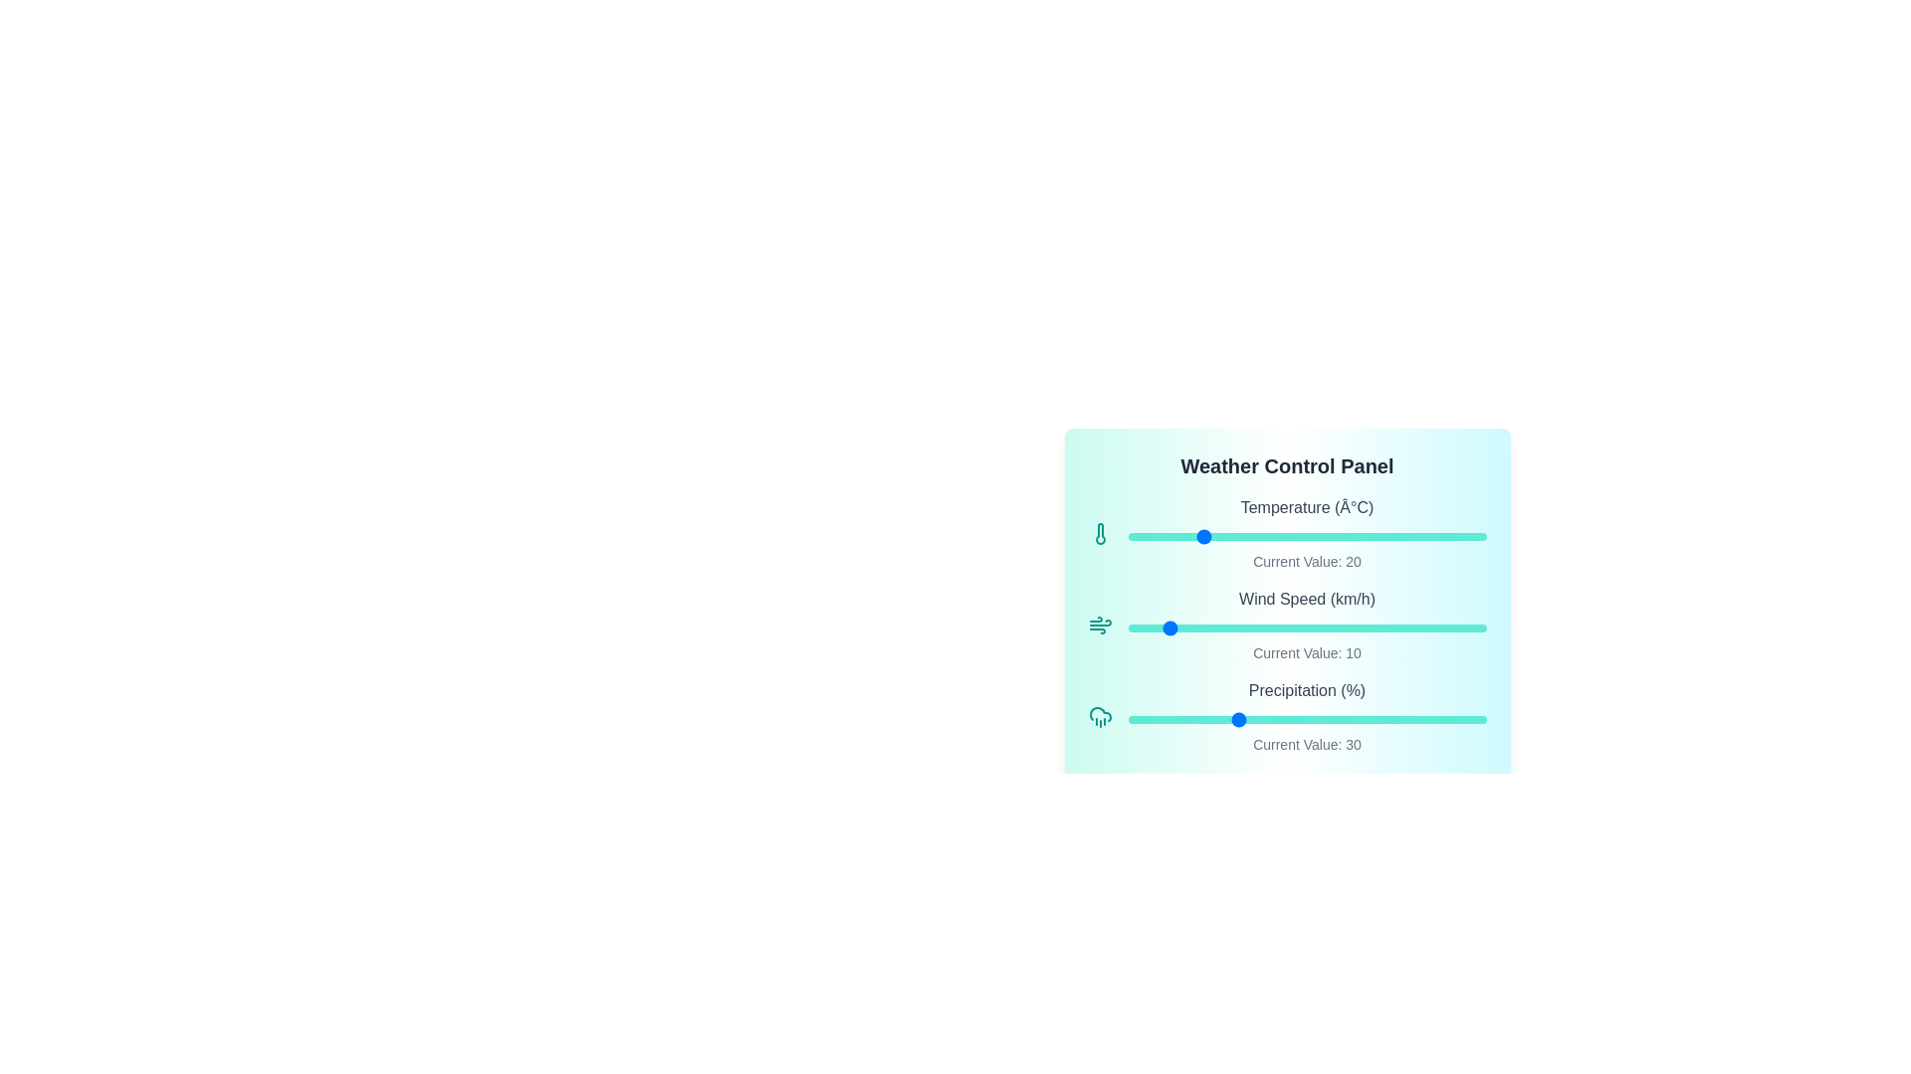  I want to click on the Wind Speed slider to 83 km/h, so click(1424, 628).